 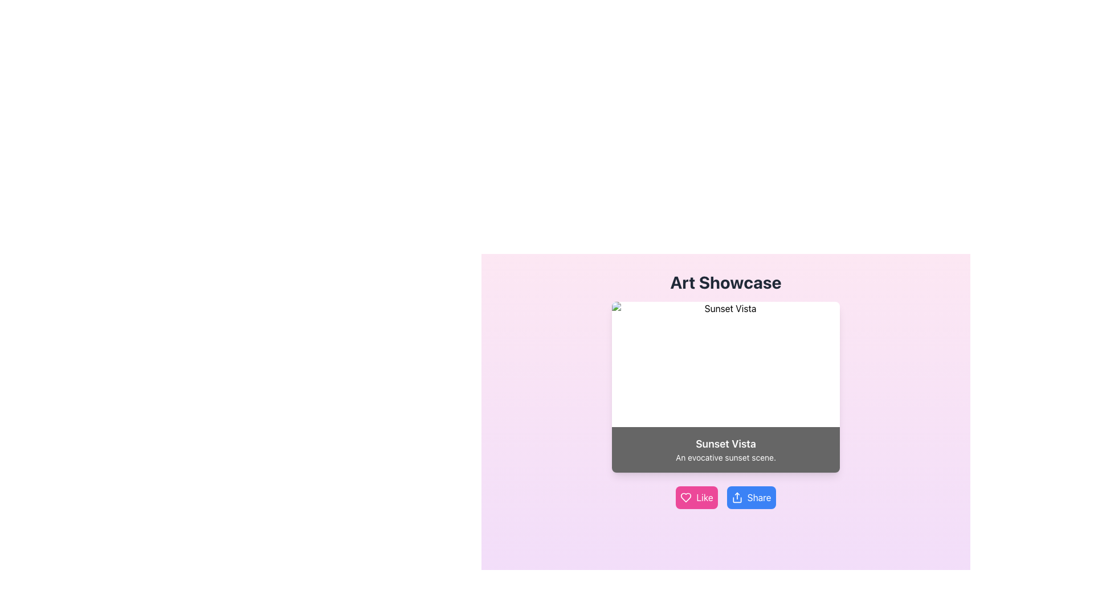 I want to click on the 'Share' button in the Grouped Buttons element, which is located below the 'An evocative sunset scene.' text in the 'Art Showcase' section, so click(x=725, y=497).